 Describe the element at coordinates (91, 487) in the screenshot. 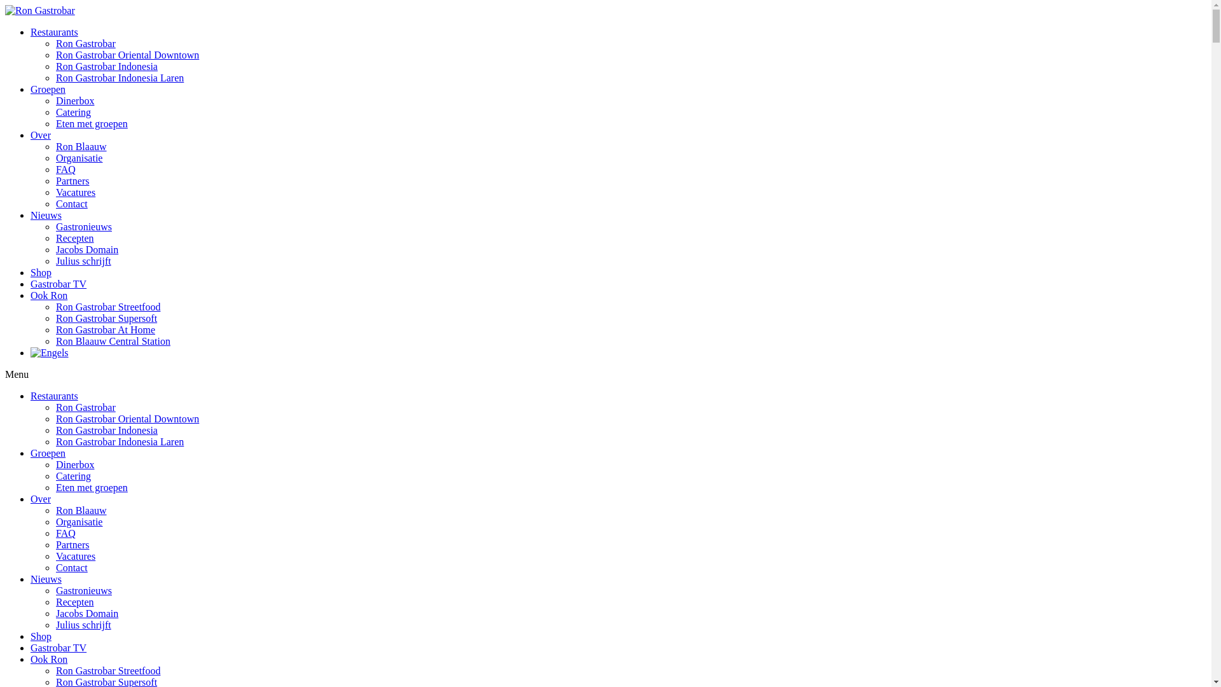

I see `'Eten met groepen'` at that location.